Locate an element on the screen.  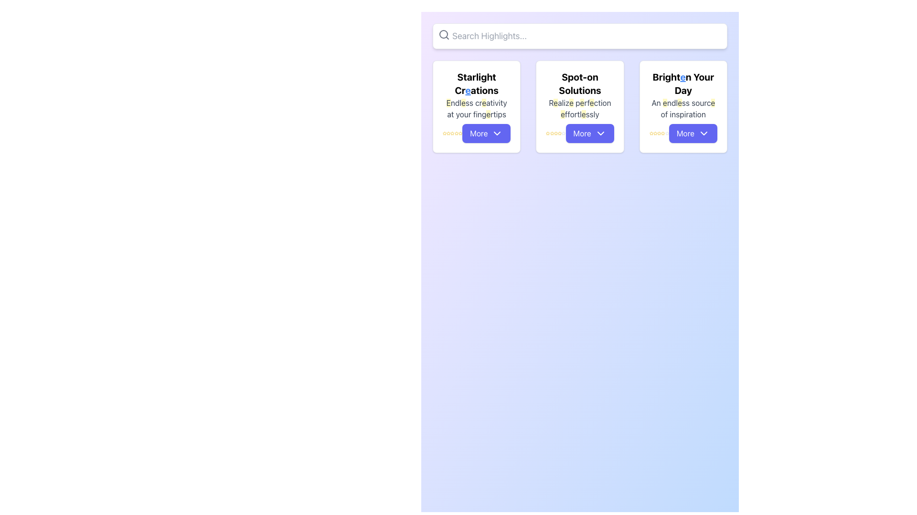
the subtitle text below 'Spot-on Solutions' and above the 'More' button in the second card from the left is located at coordinates (579, 108).